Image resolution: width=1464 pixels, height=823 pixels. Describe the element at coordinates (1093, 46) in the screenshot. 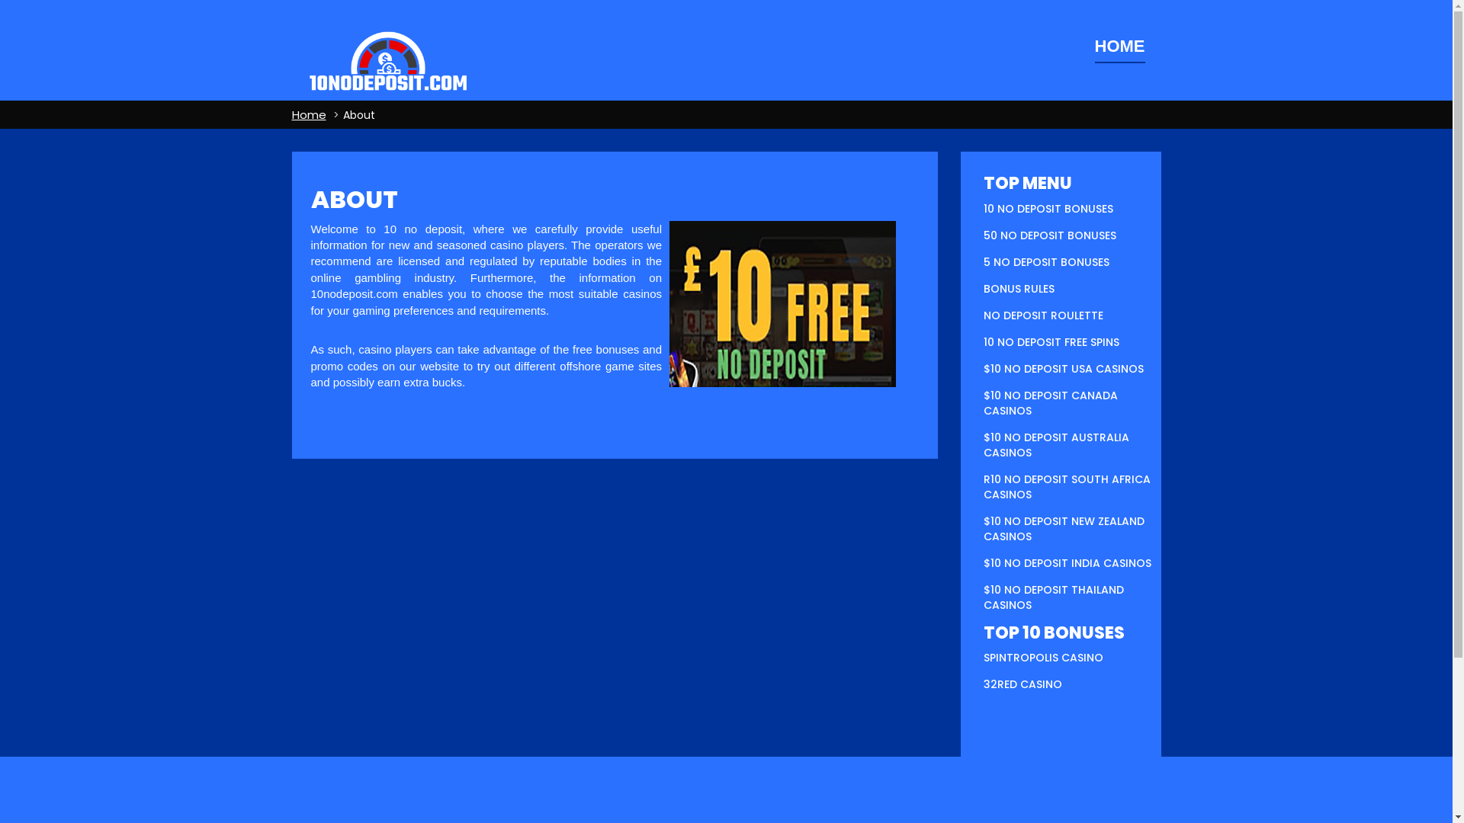

I see `'HOME'` at that location.